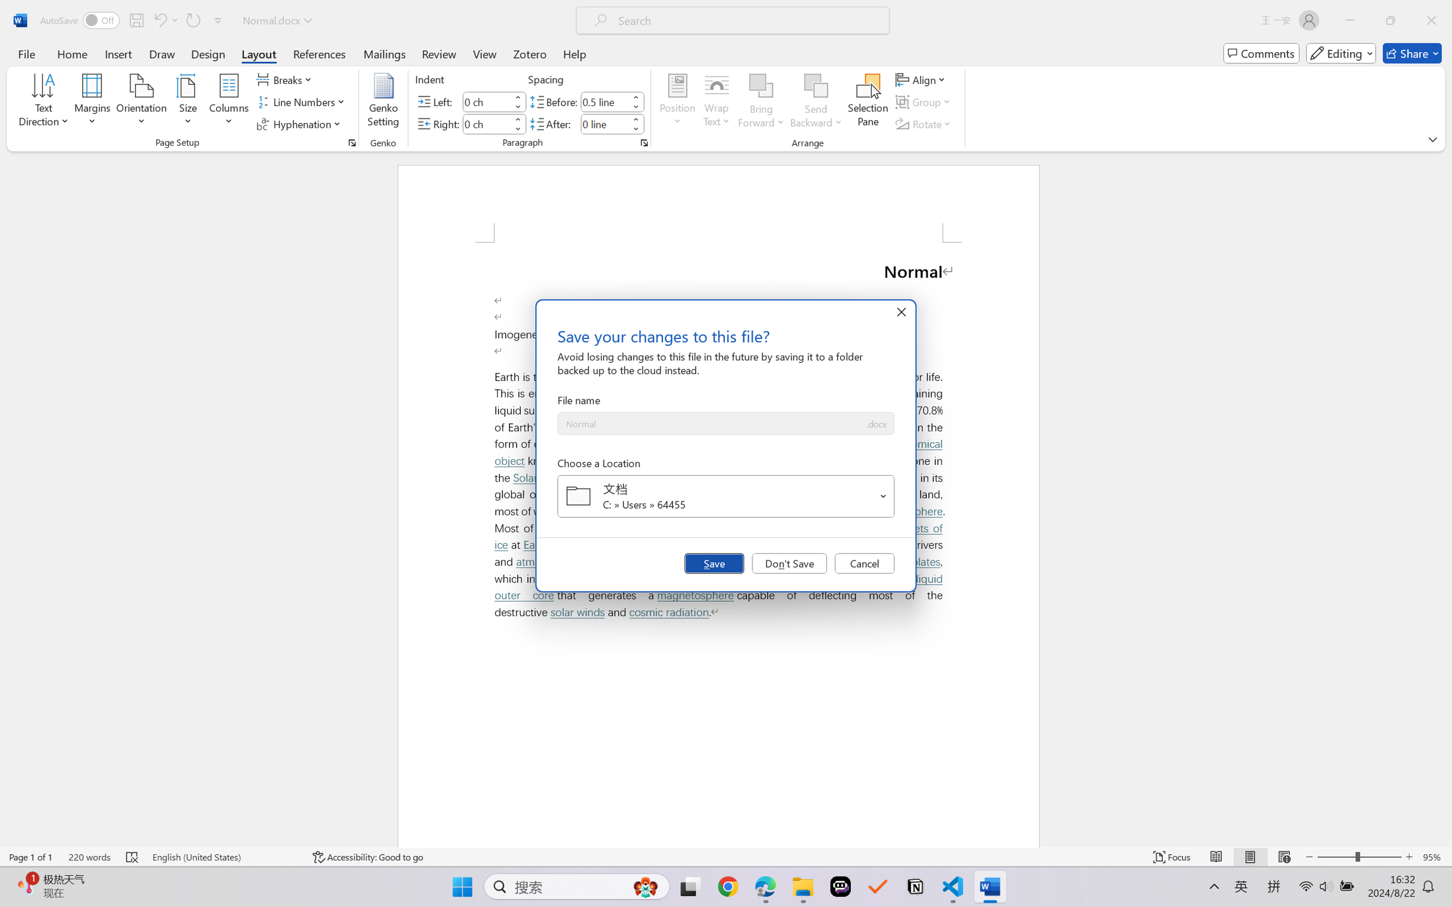 The height and width of the screenshot is (907, 1452). I want to click on 'cosmic radiation', so click(669, 612).